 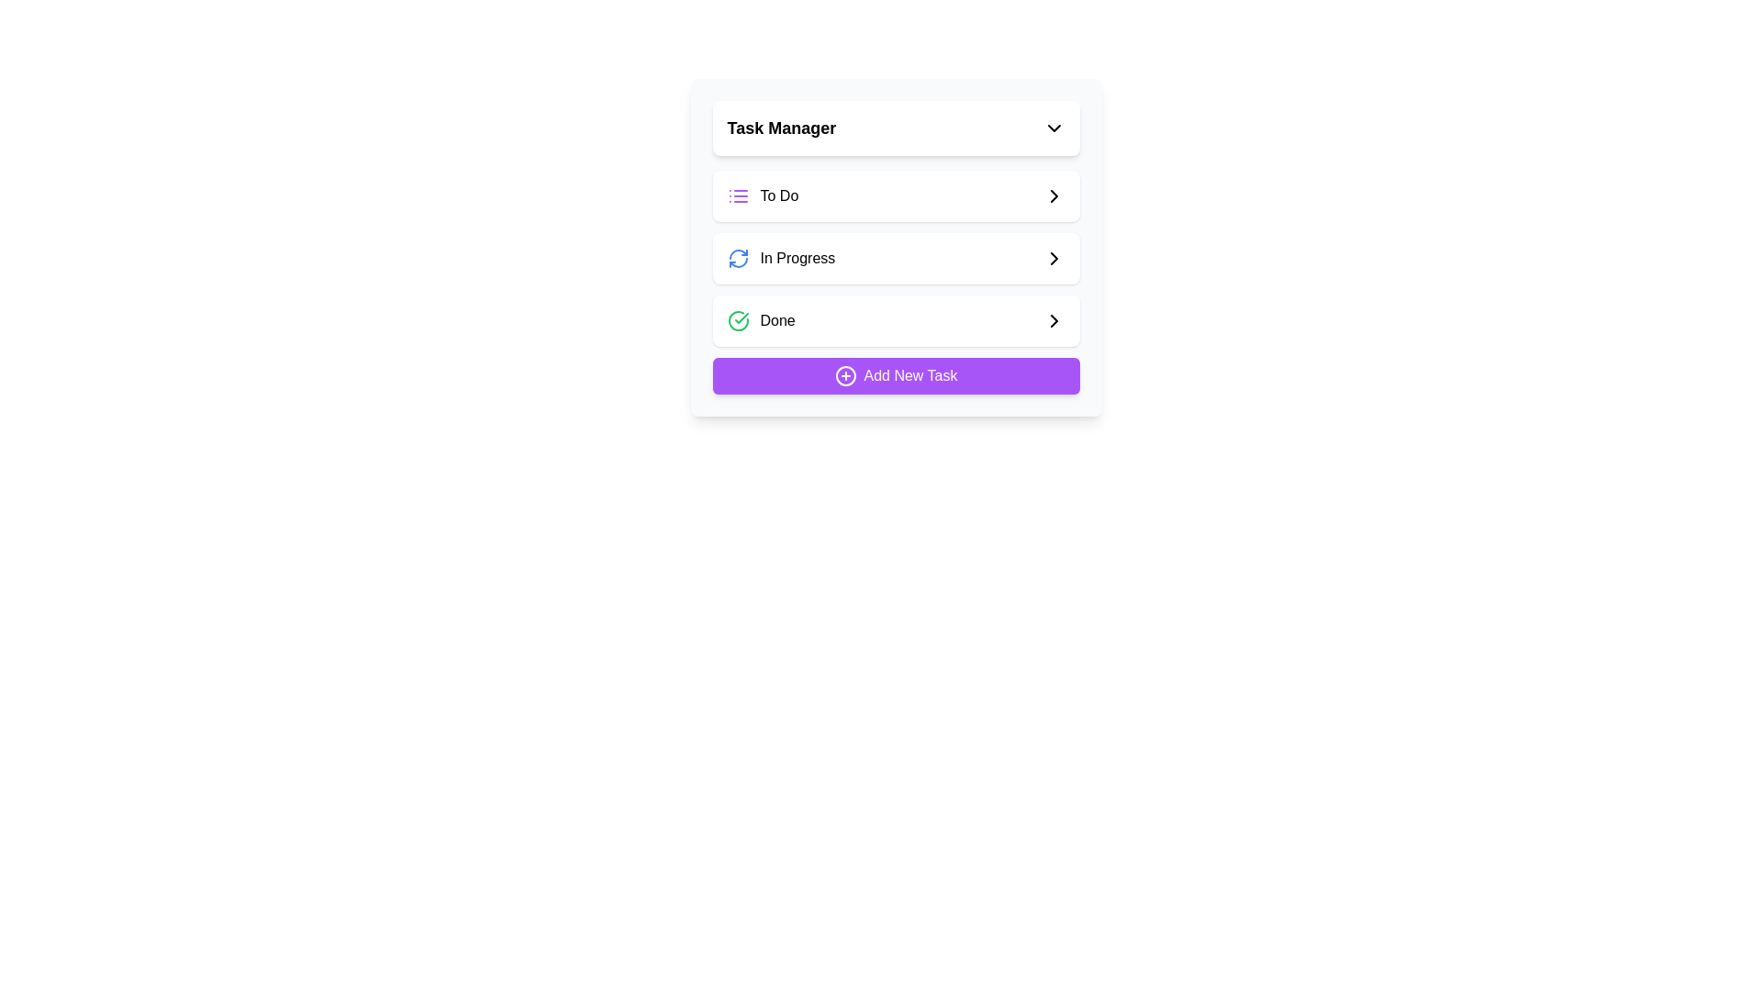 What do you see at coordinates (1054, 320) in the screenshot?
I see `the right-pointing chevron icon located in the third row of the vertical list, to the far right of the 'Done' label and icon, to potentially view tooltips` at bounding box center [1054, 320].